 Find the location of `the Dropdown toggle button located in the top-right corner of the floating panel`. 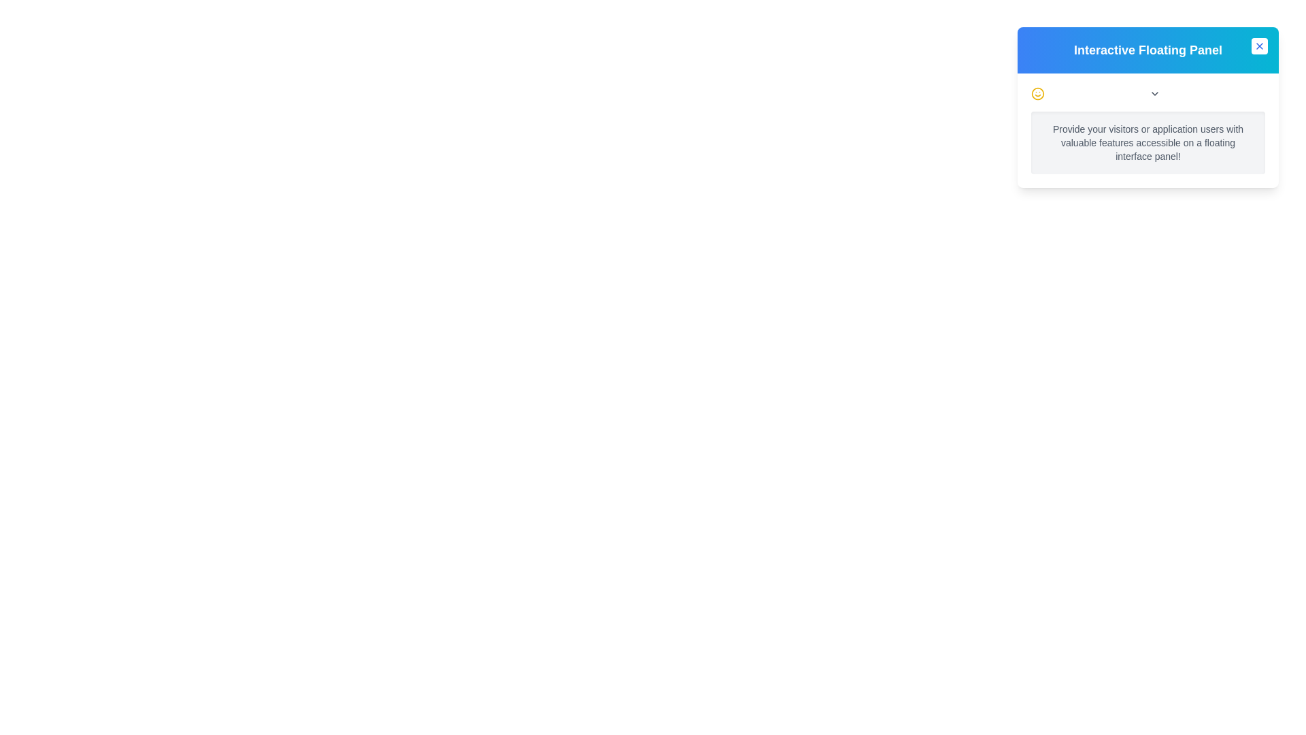

the Dropdown toggle button located in the top-right corner of the floating panel is located at coordinates (1154, 93).